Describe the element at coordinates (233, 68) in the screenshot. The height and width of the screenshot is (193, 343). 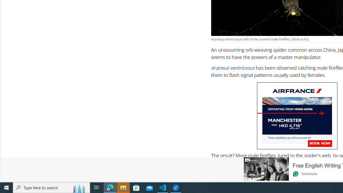
I see `'Araneus ventricosus'` at that location.